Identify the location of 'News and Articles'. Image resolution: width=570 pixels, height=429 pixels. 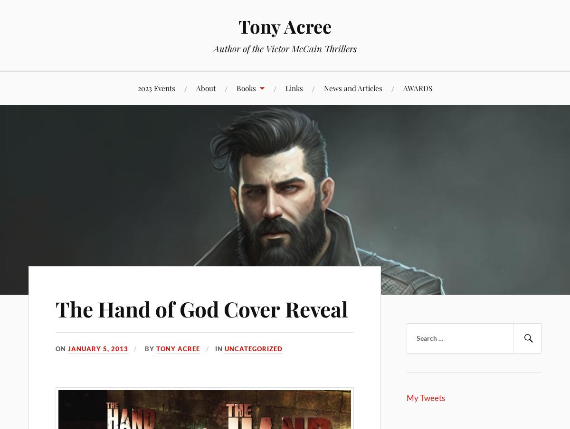
(323, 87).